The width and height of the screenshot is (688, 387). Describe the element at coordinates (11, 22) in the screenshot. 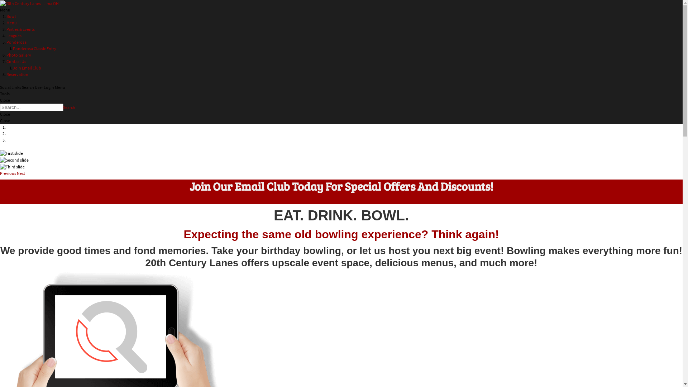

I see `'Menu'` at that location.